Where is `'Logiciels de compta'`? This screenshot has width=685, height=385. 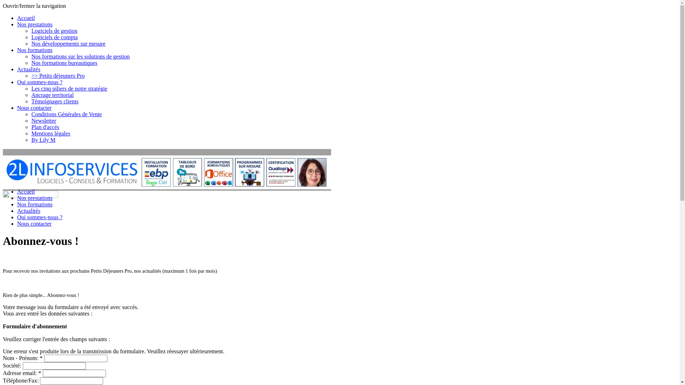 'Logiciels de compta' is located at coordinates (54, 37).